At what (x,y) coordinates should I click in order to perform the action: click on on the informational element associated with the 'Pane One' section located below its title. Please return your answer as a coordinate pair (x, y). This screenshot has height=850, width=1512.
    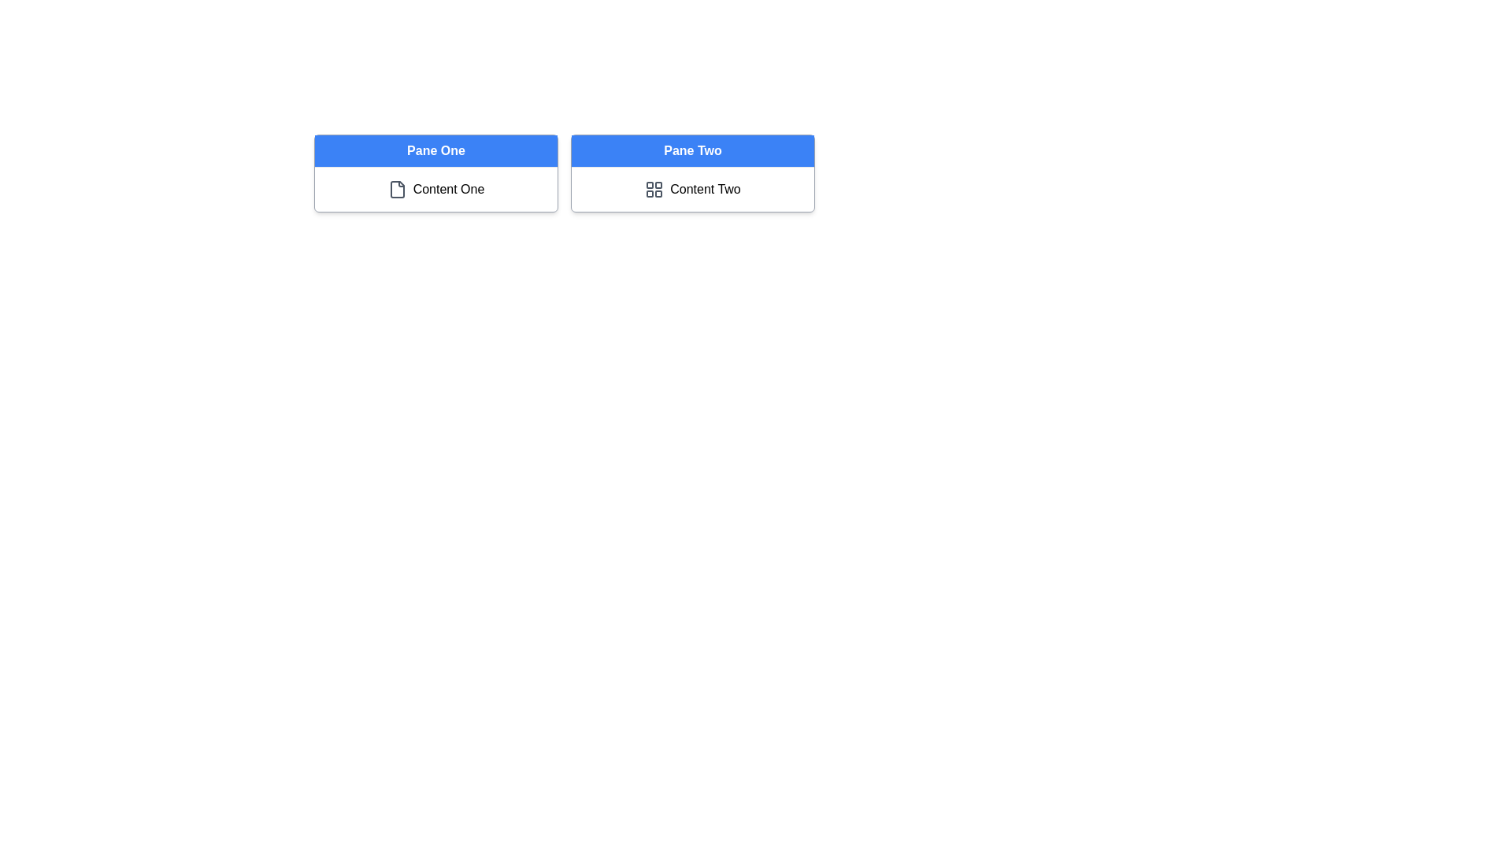
    Looking at the image, I should click on (435, 187).